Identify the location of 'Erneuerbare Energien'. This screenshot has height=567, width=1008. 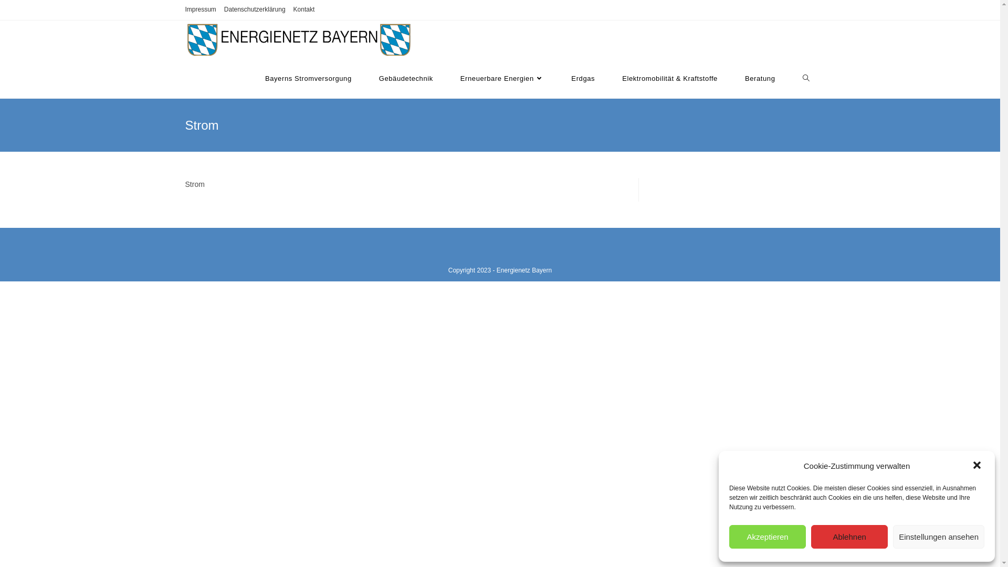
(501, 78).